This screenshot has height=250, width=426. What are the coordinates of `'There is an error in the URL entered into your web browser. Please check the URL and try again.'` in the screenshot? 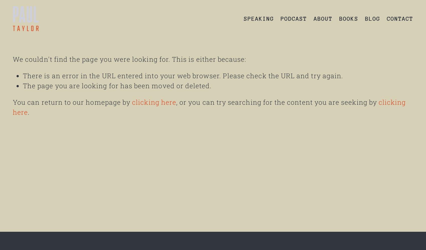 It's located at (183, 75).